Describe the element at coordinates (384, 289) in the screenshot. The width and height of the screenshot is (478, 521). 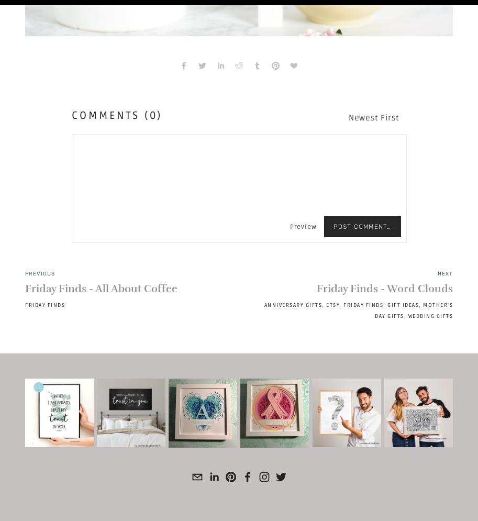
I see `'Friday Finds - Word Clouds'` at that location.